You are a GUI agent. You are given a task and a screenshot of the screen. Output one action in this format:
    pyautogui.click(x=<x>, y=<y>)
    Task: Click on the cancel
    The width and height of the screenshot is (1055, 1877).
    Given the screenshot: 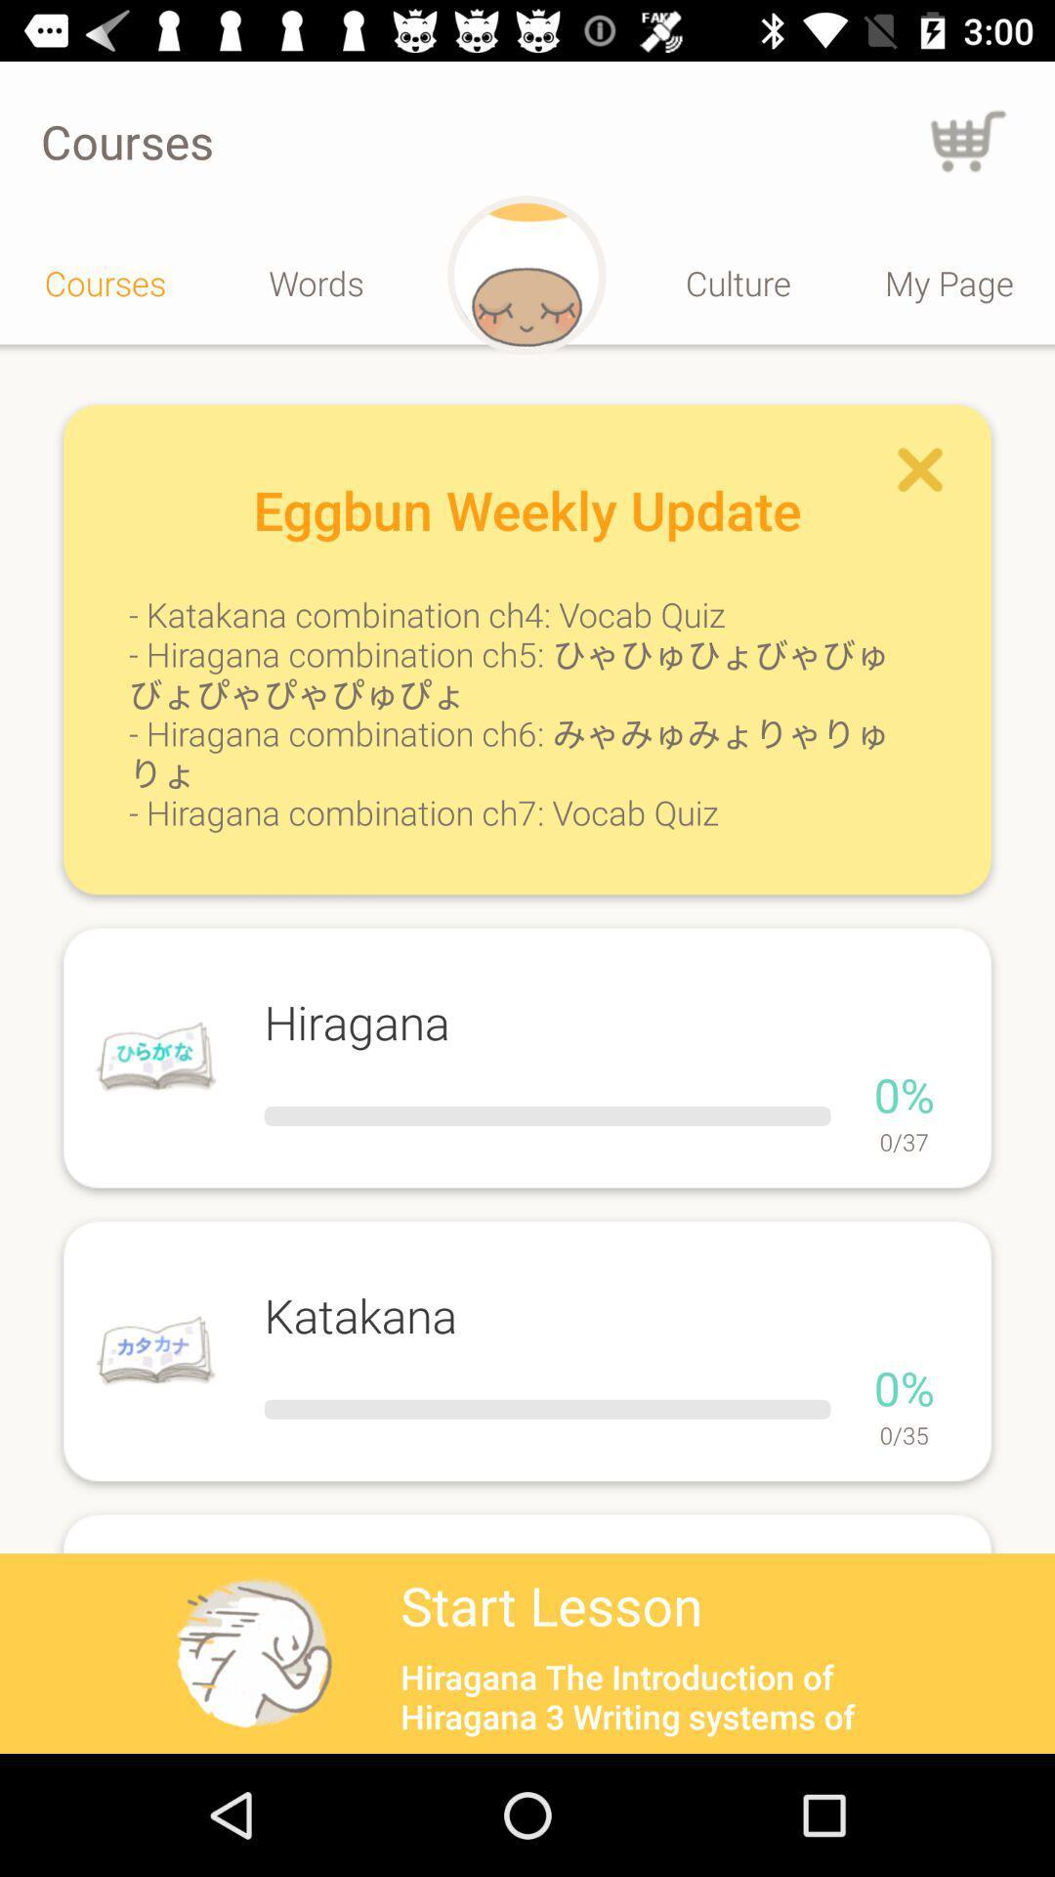 What is the action you would take?
    pyautogui.click(x=920, y=470)
    